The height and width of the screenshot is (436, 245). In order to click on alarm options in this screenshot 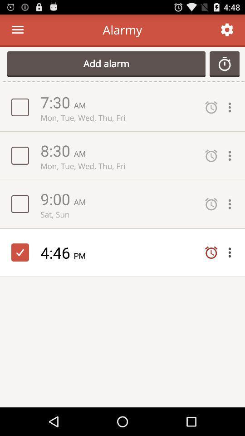, I will do `click(232, 253)`.